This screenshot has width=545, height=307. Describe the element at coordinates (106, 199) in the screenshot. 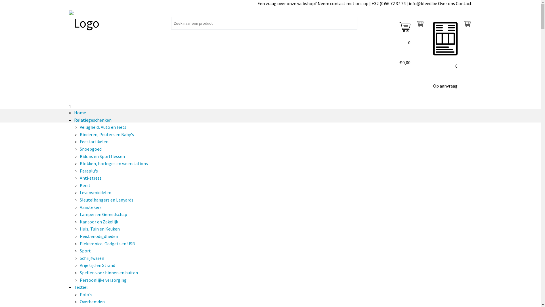

I see `'Sleutelhangers en Lanyards'` at that location.